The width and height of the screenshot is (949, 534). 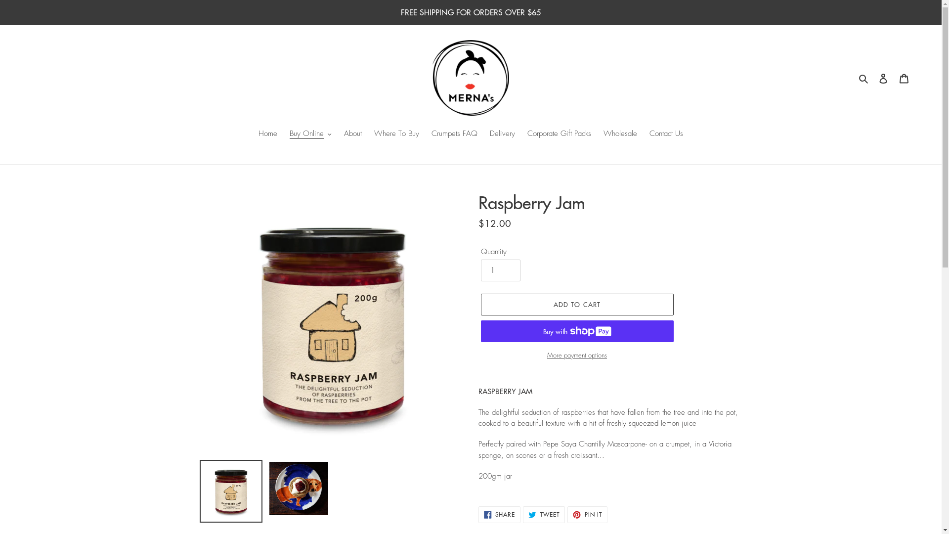 I want to click on 'ADD TO CART', so click(x=480, y=304).